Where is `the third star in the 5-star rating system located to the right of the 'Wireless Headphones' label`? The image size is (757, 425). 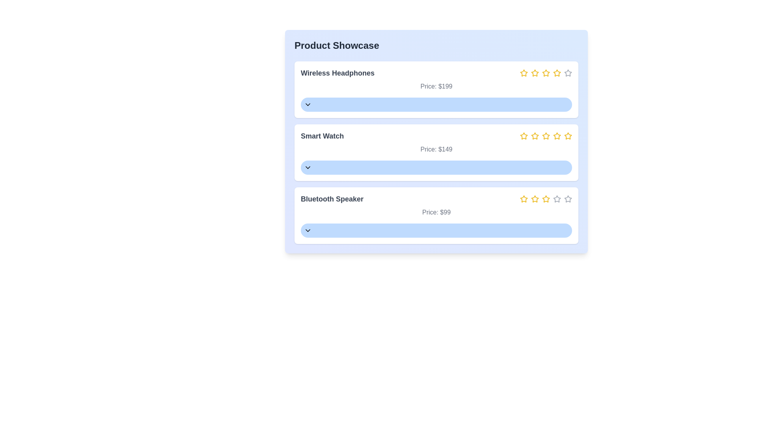
the third star in the 5-star rating system located to the right of the 'Wireless Headphones' label is located at coordinates (535, 73).